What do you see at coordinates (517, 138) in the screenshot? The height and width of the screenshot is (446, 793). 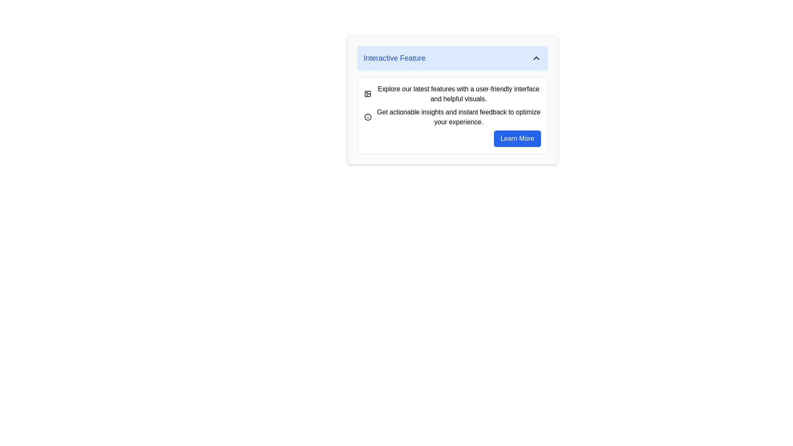 I see `the button located at the bottom-right of the 'Interactive Feature' section` at bounding box center [517, 138].